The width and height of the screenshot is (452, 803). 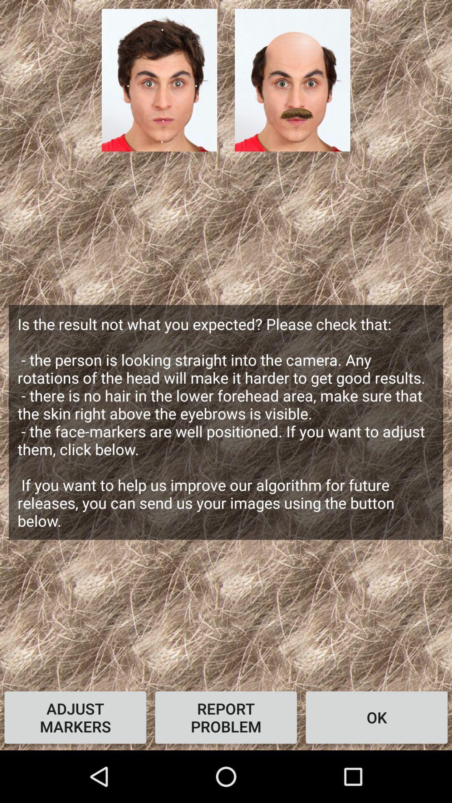 I want to click on the icon at the bottom right corner, so click(x=376, y=717).